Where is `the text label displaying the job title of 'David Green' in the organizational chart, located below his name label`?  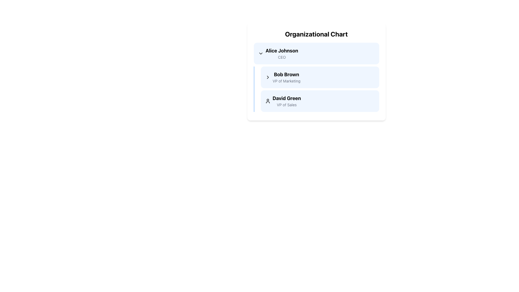
the text label displaying the job title of 'David Green' in the organizational chart, located below his name label is located at coordinates (286, 105).